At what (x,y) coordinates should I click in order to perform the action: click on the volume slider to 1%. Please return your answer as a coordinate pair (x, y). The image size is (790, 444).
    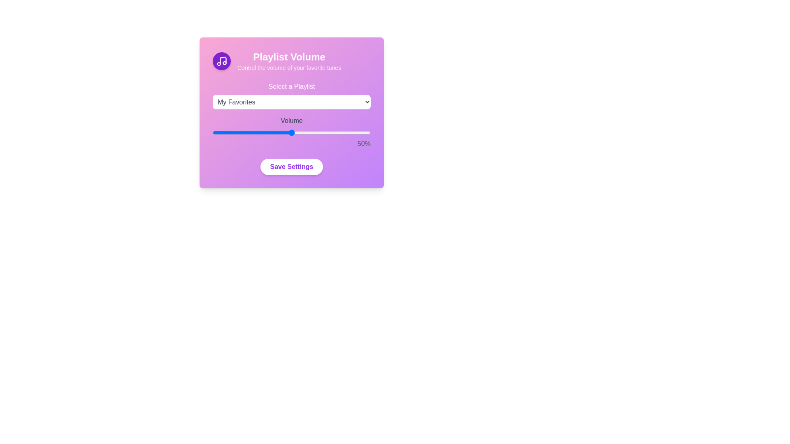
    Looking at the image, I should click on (214, 132).